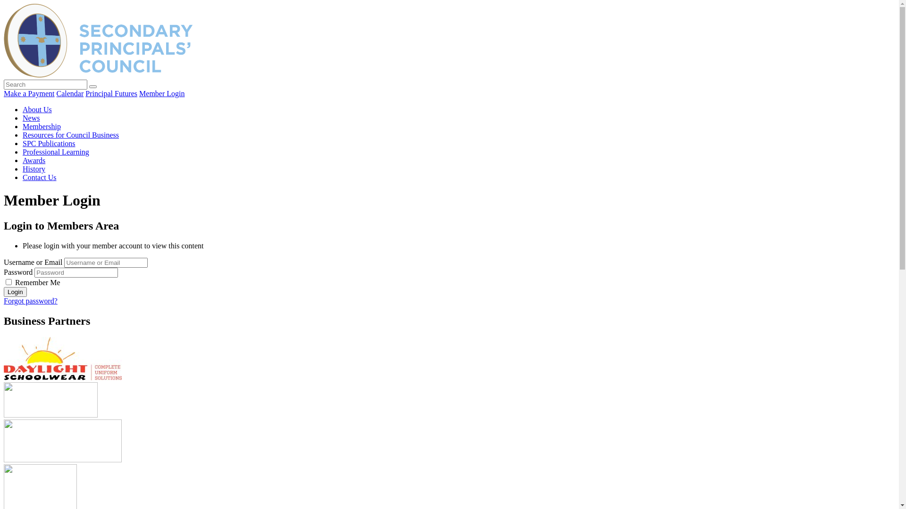 The image size is (906, 509). What do you see at coordinates (23, 117) in the screenshot?
I see `'News'` at bounding box center [23, 117].